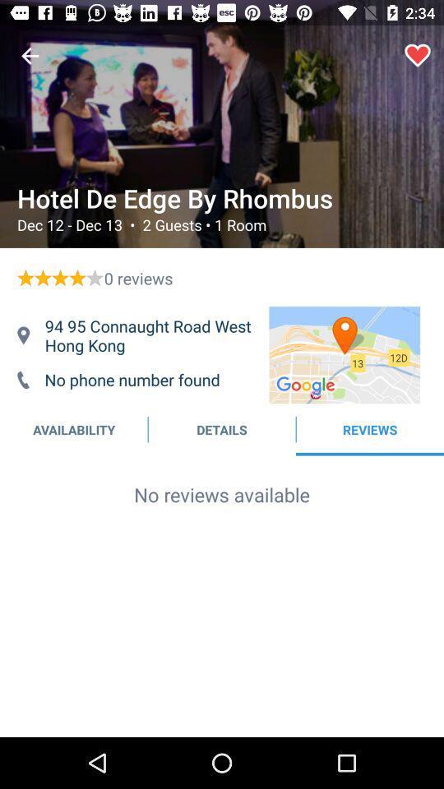 This screenshot has width=444, height=789. I want to click on the location icon left to 94, so click(22, 335).